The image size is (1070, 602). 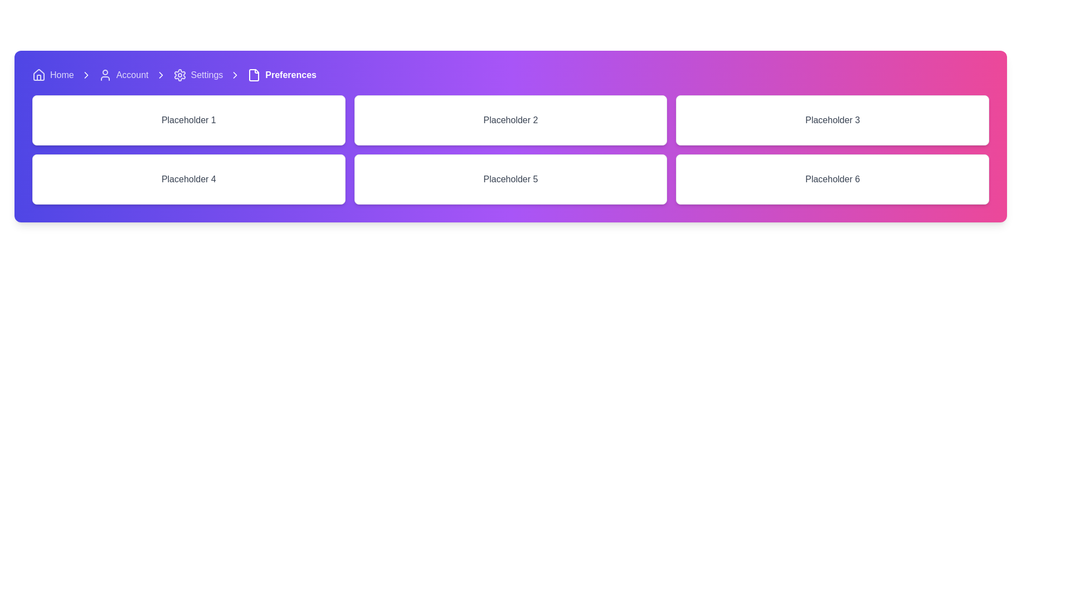 What do you see at coordinates (52, 75) in the screenshot?
I see `the 'Home' link with the house-shaped icon in the breadcrumb navigation bar` at bounding box center [52, 75].